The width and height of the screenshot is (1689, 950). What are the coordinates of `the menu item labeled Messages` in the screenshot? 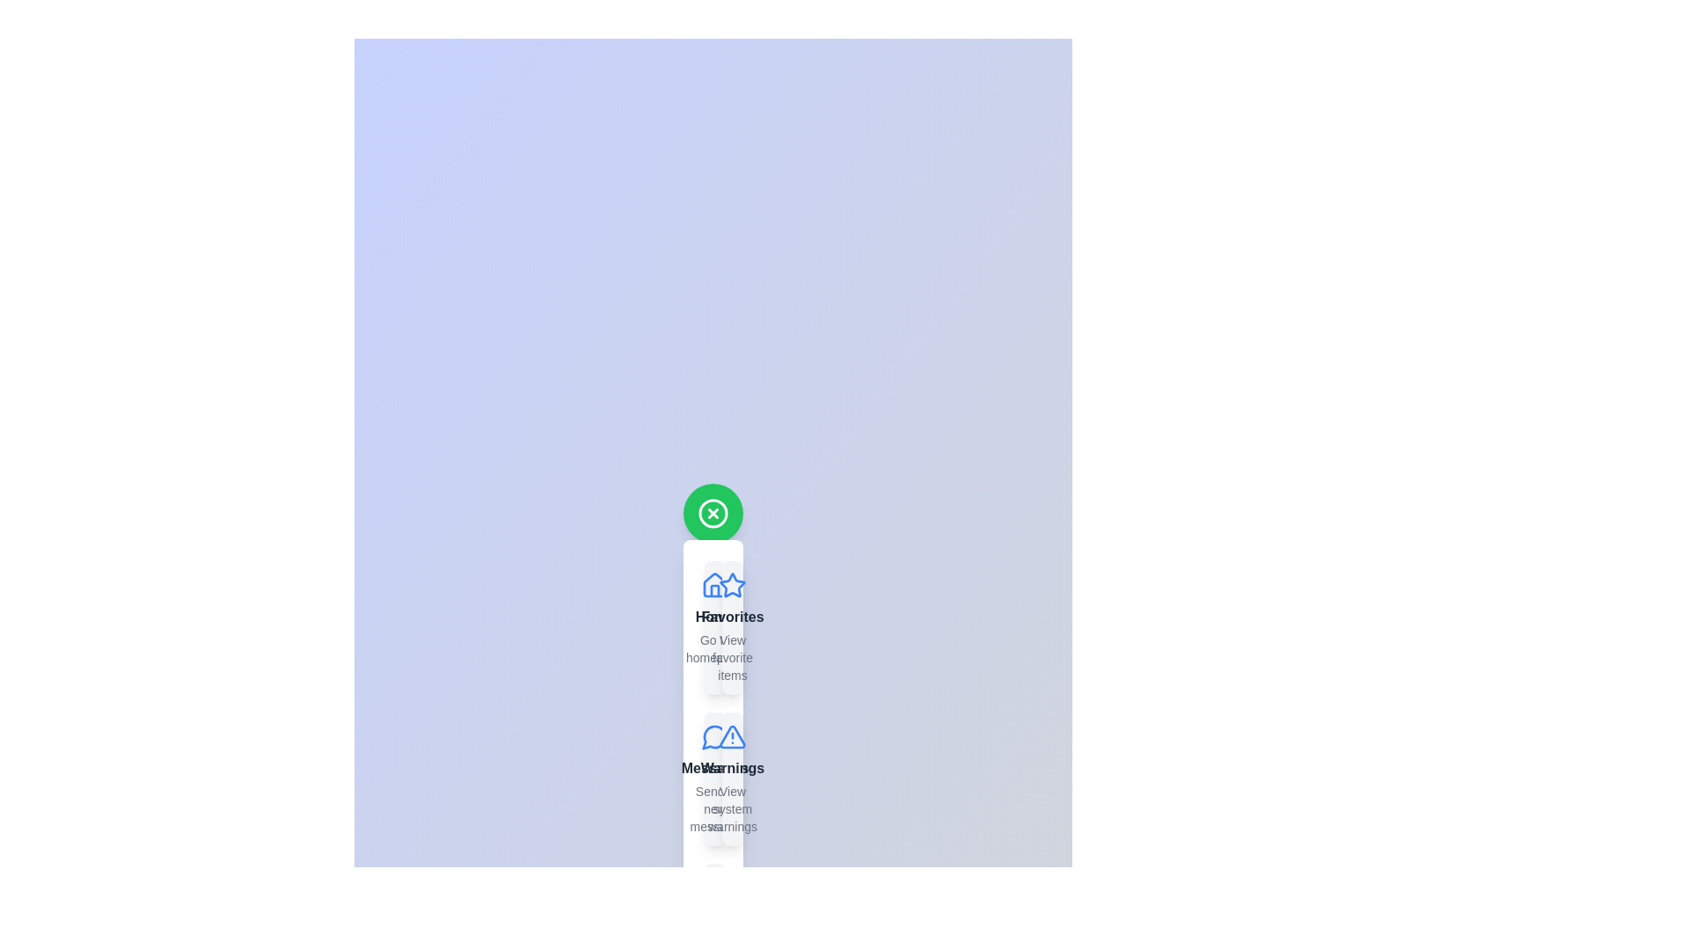 It's located at (714, 778).